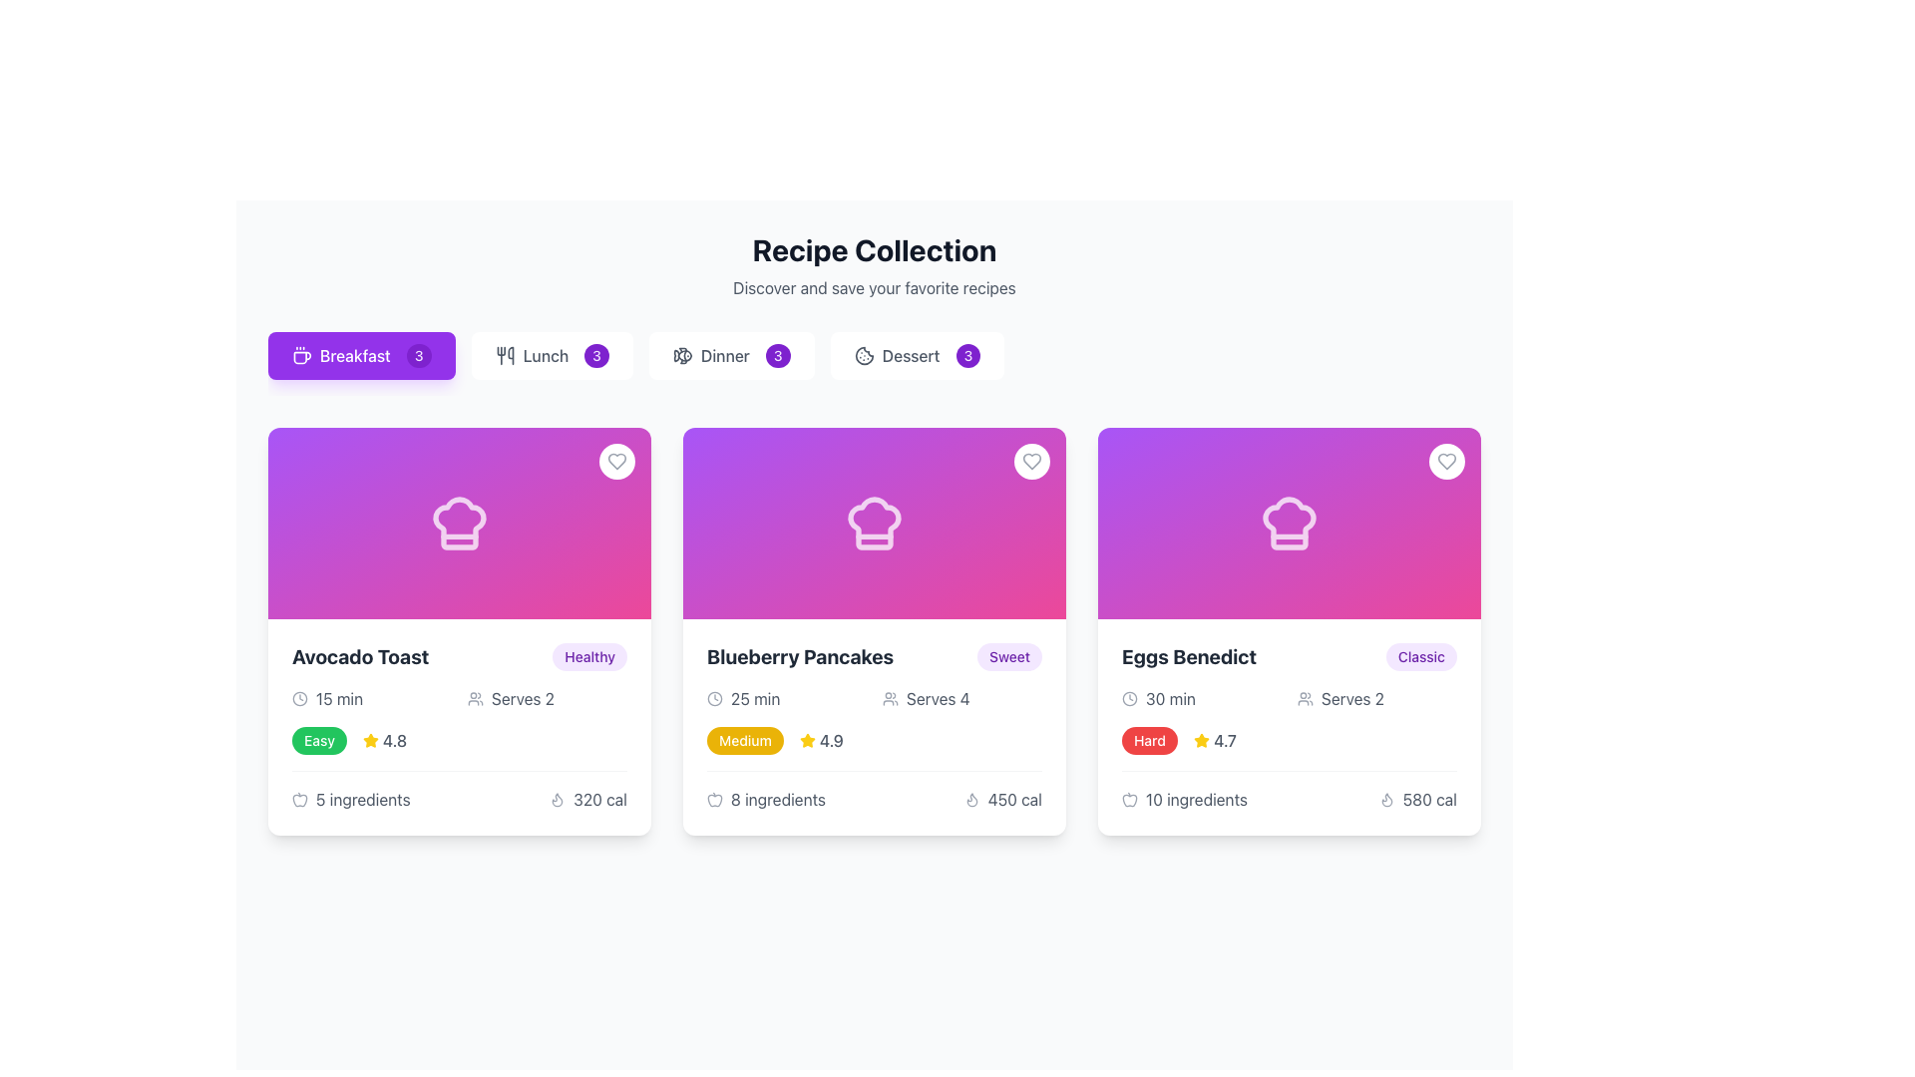  What do you see at coordinates (1129, 799) in the screenshot?
I see `the small light gray apple icon located to the left of the '10 ingredients' text in the 'Eggs Benedict' recipe card's metadata` at bounding box center [1129, 799].